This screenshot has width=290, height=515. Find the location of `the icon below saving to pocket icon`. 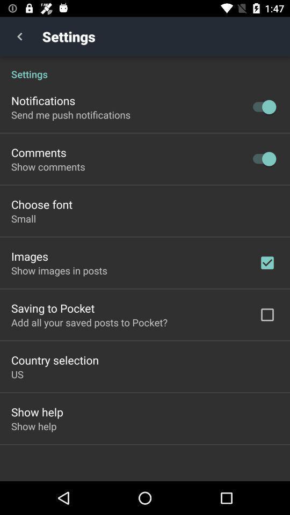

the icon below saving to pocket icon is located at coordinates (89, 322).